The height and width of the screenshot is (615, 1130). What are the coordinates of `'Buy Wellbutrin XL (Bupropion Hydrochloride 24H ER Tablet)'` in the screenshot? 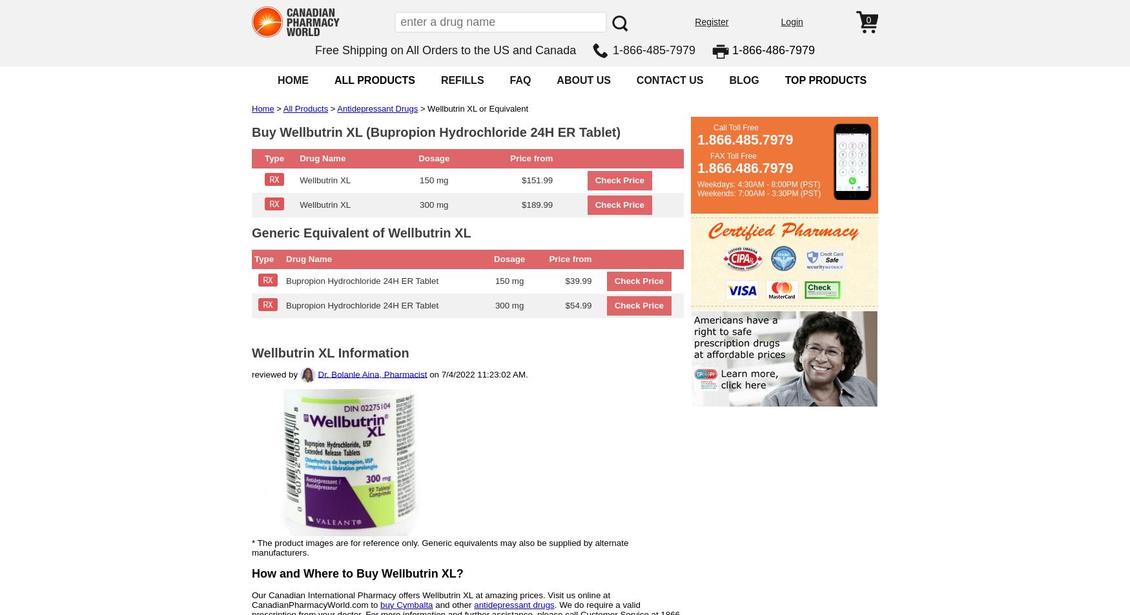 It's located at (435, 131).